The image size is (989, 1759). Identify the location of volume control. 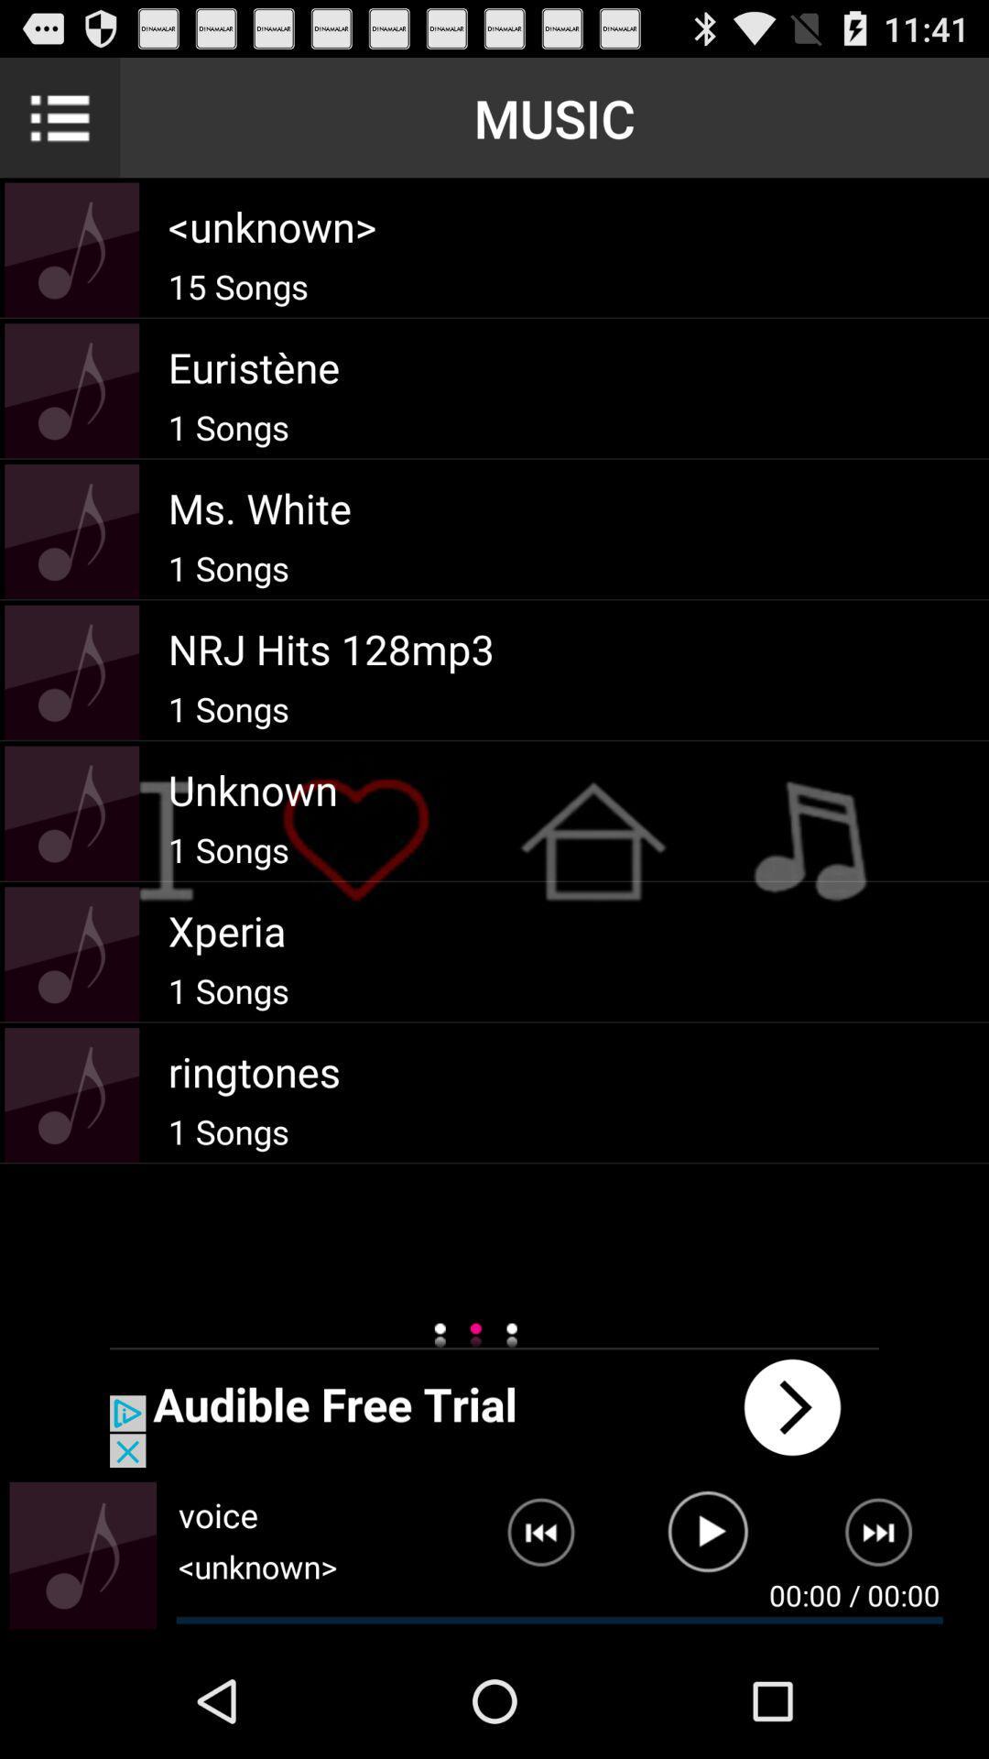
(82, 1555).